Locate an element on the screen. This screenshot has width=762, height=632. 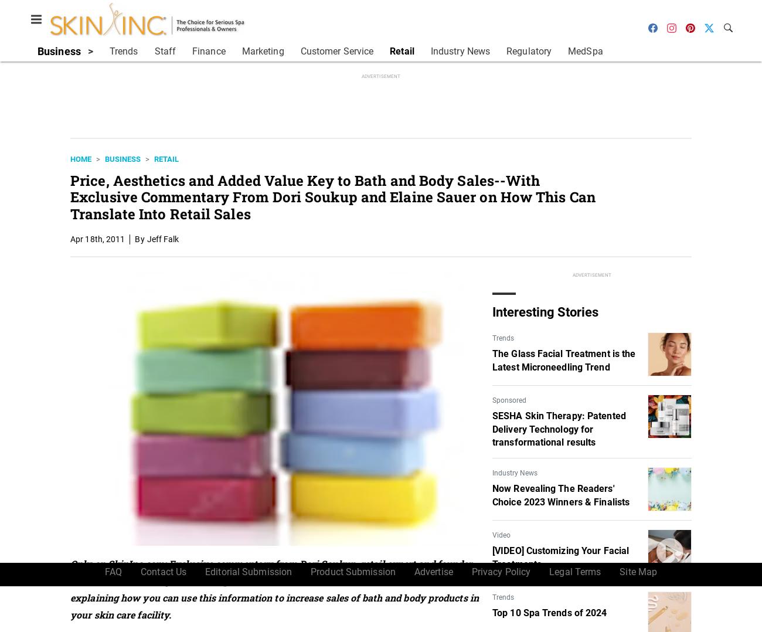
'Product Submission' is located at coordinates (353, 572).